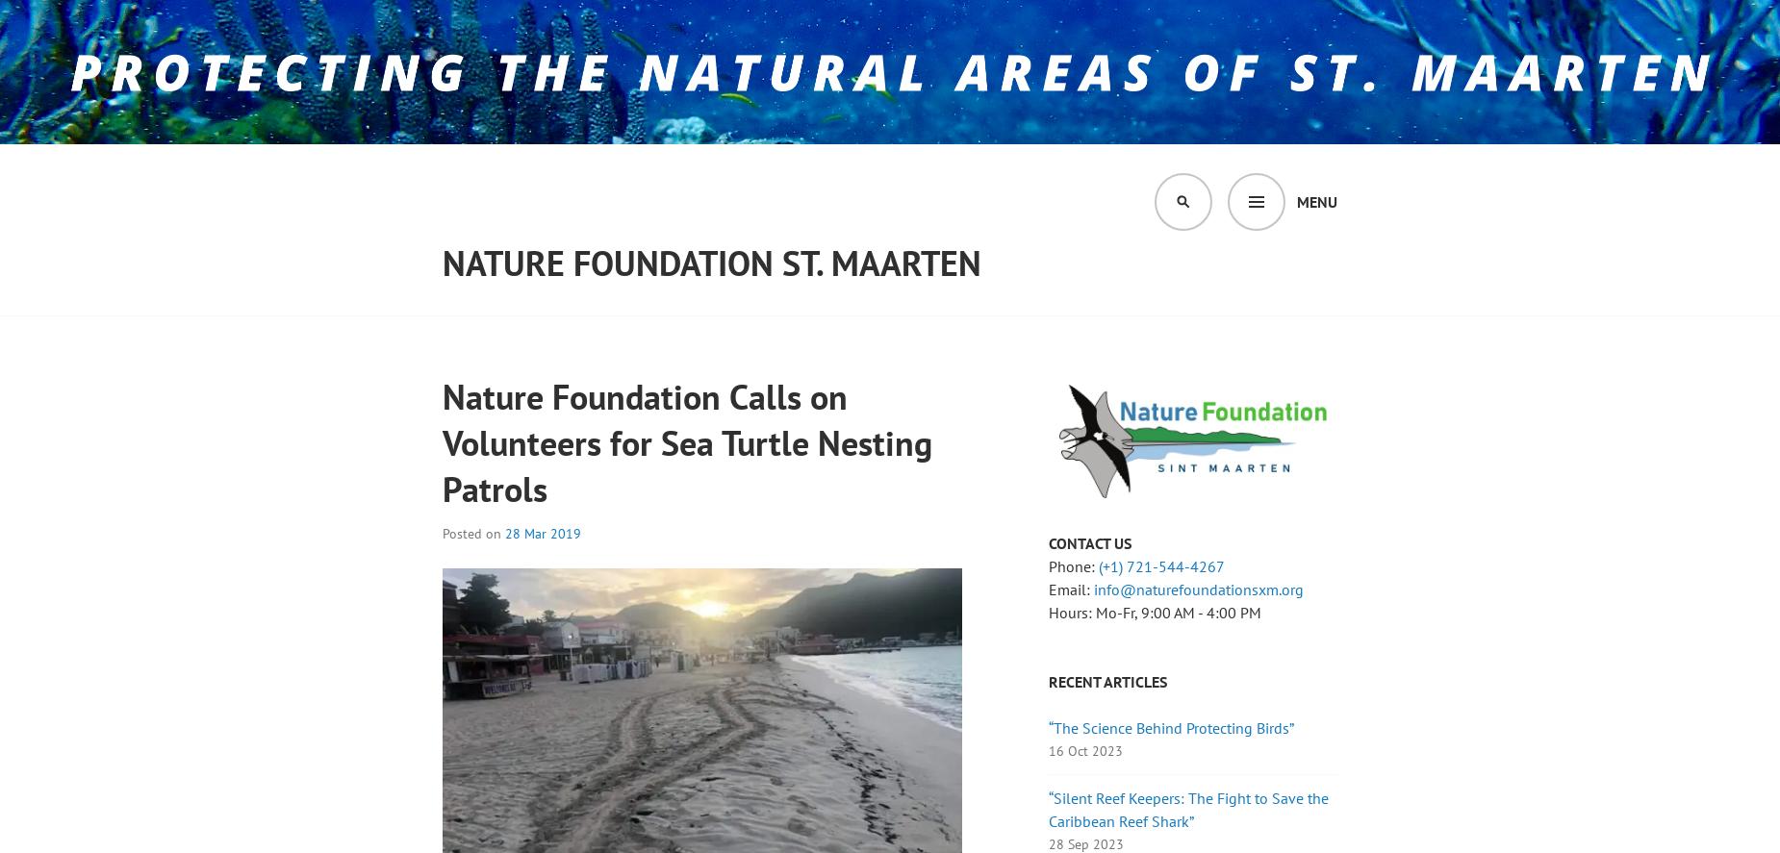  What do you see at coordinates (1048, 726) in the screenshot?
I see `'“The Science Behind Protecting Birds”'` at bounding box center [1048, 726].